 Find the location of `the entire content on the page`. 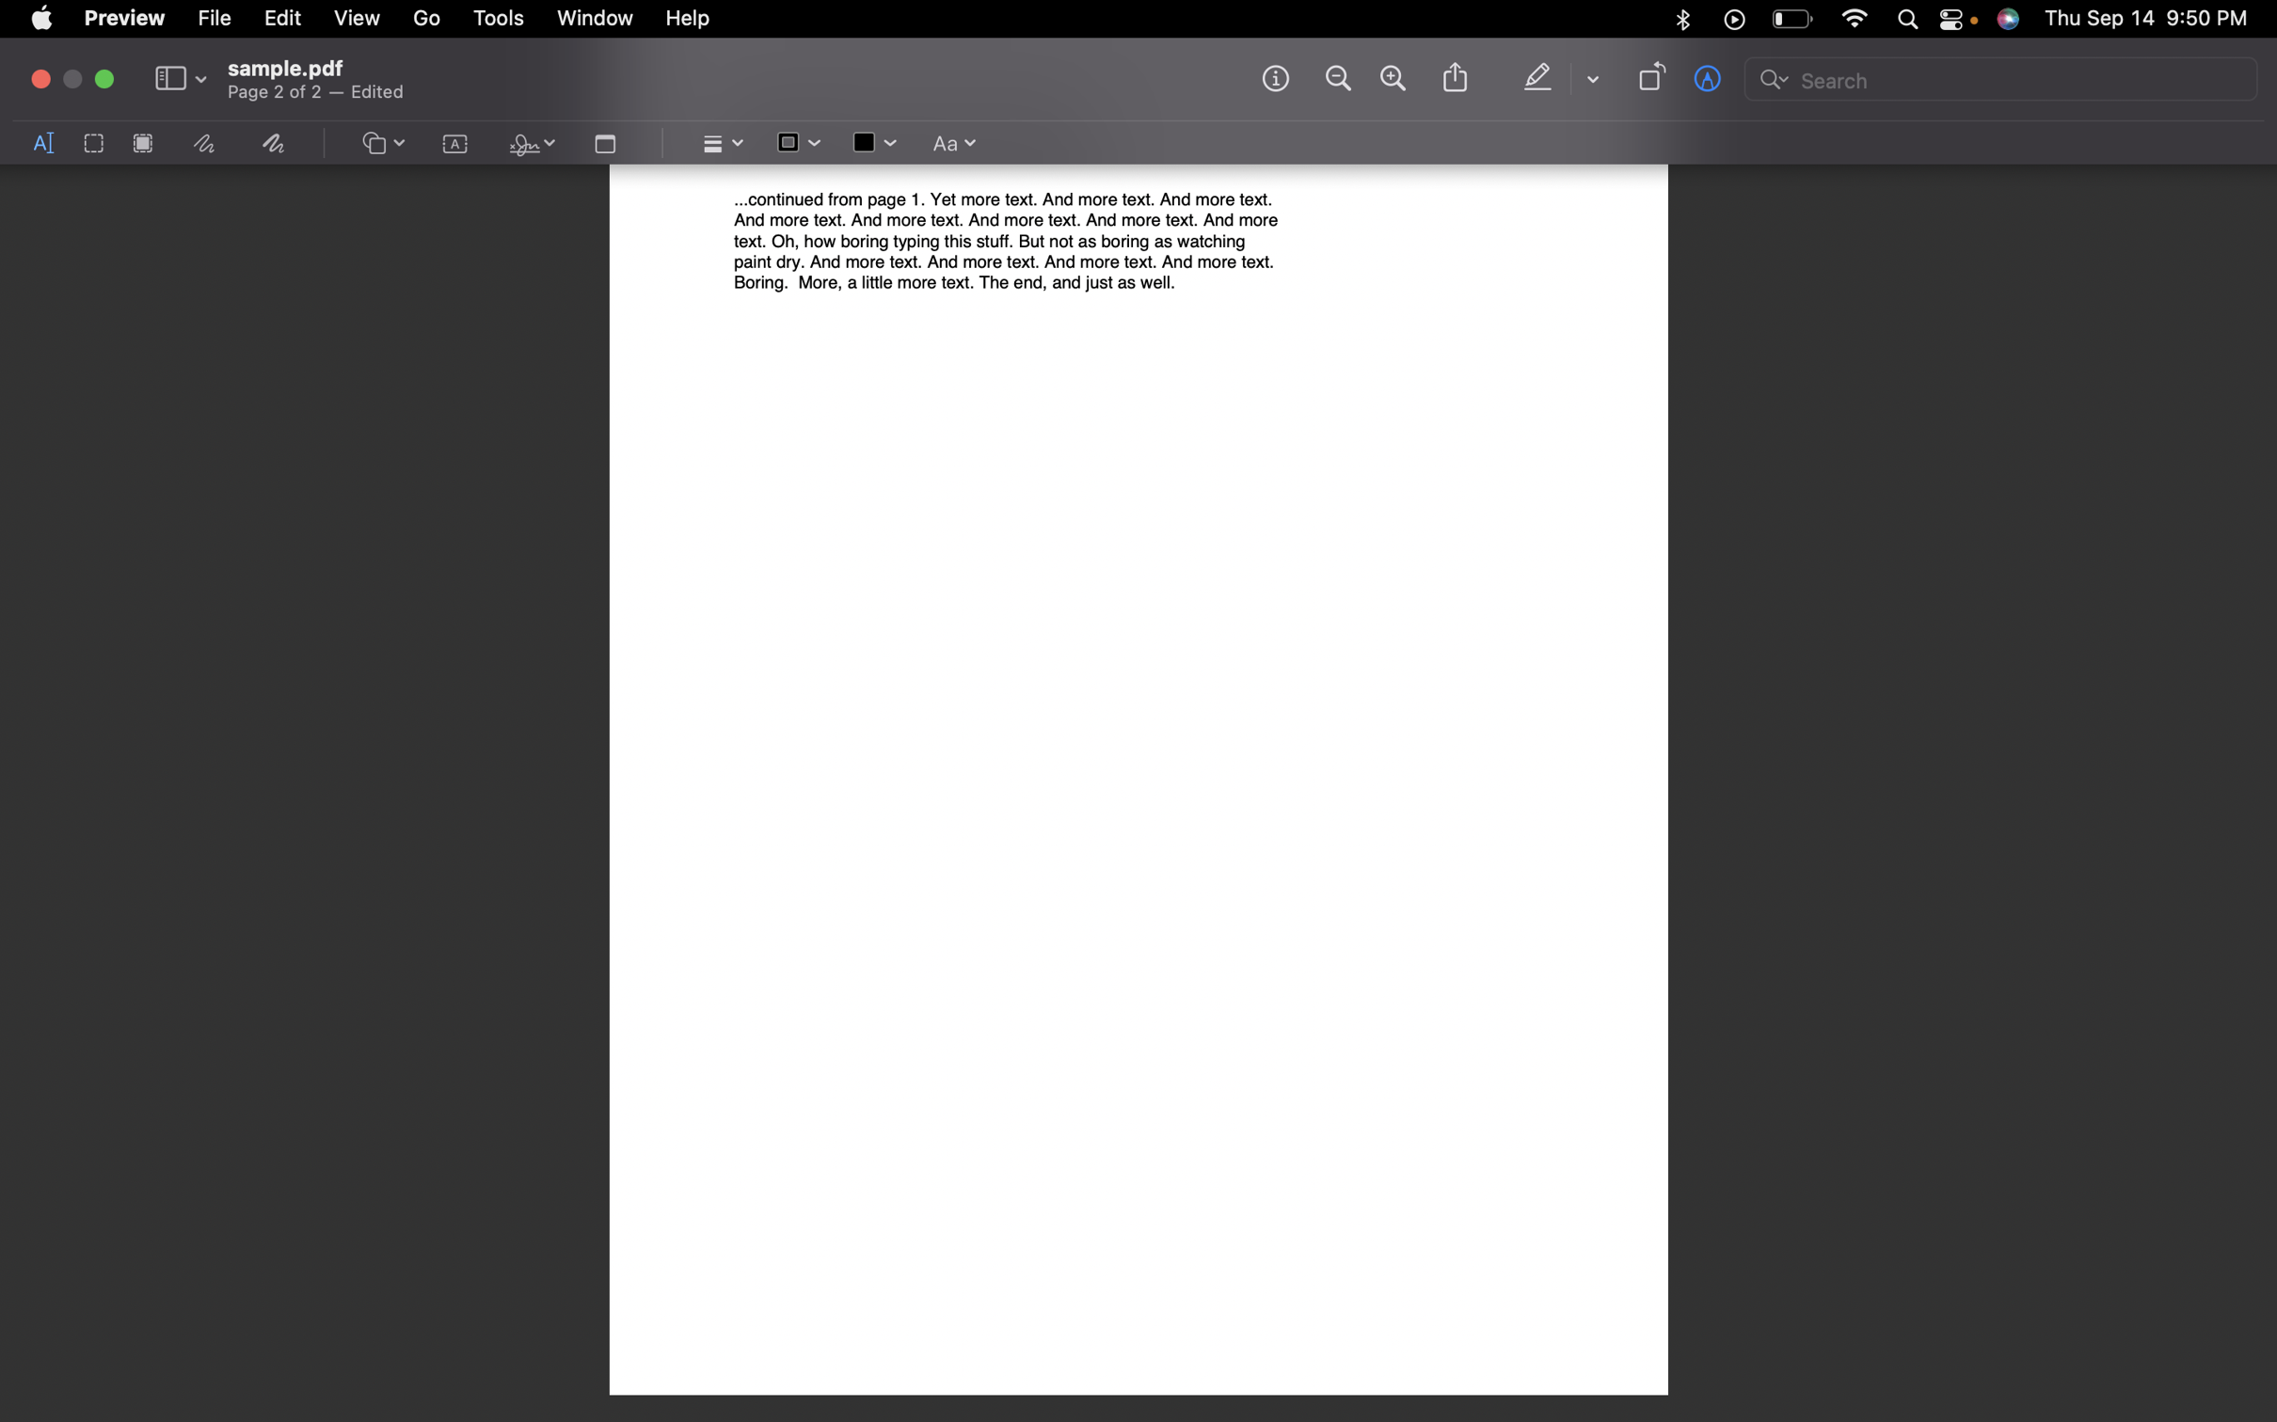

the entire content on the page is located at coordinates (3275464, 327771).